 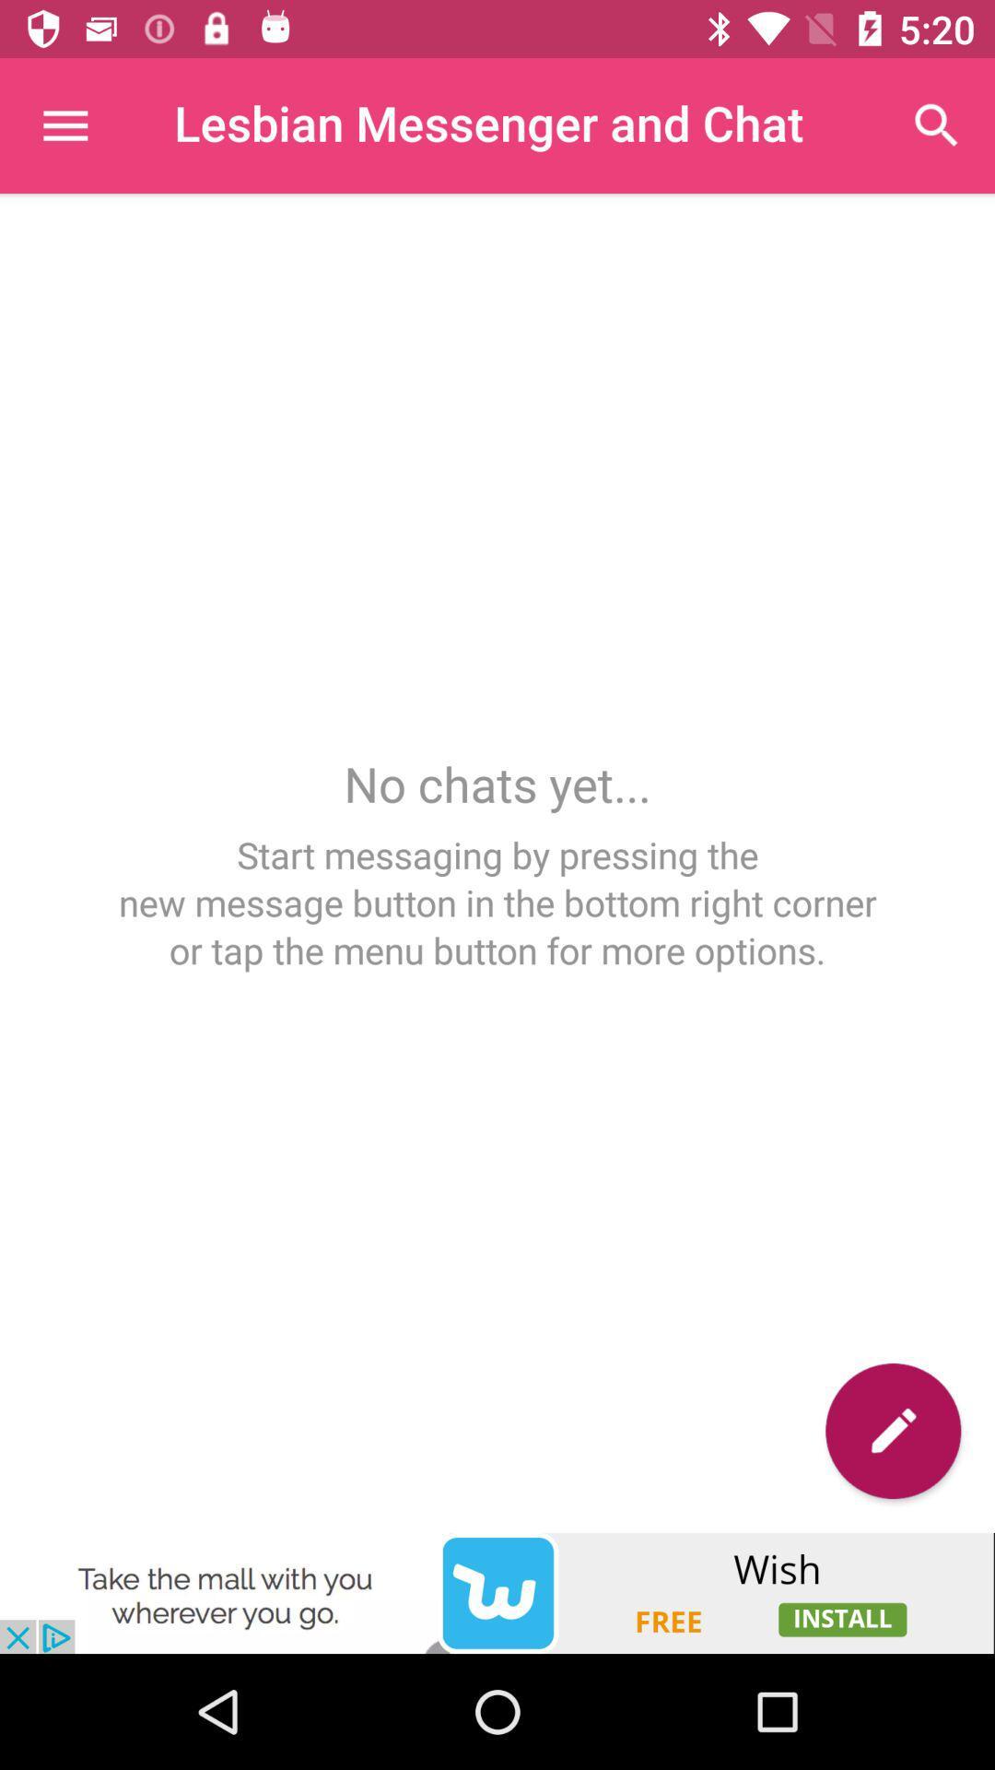 What do you see at coordinates (64, 124) in the screenshot?
I see `the menu` at bounding box center [64, 124].